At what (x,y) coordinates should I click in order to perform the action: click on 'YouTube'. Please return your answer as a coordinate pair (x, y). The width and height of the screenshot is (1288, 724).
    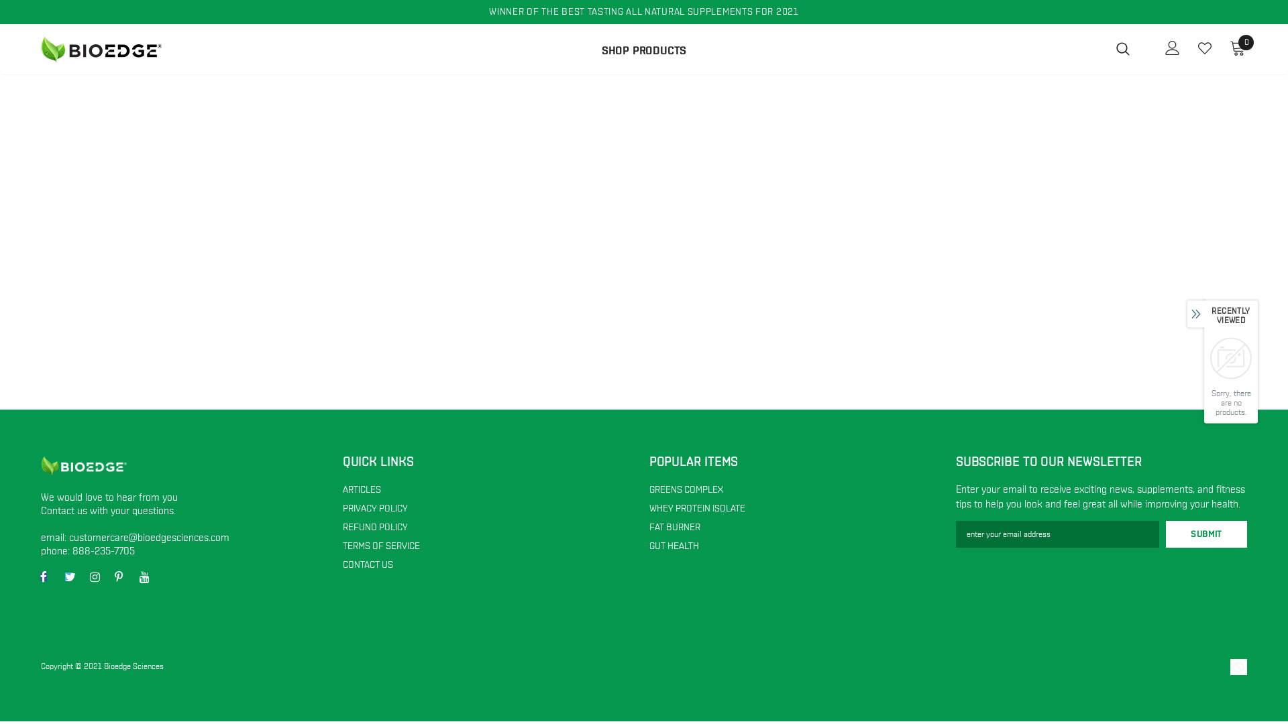
    Looking at the image, I should click on (142, 576).